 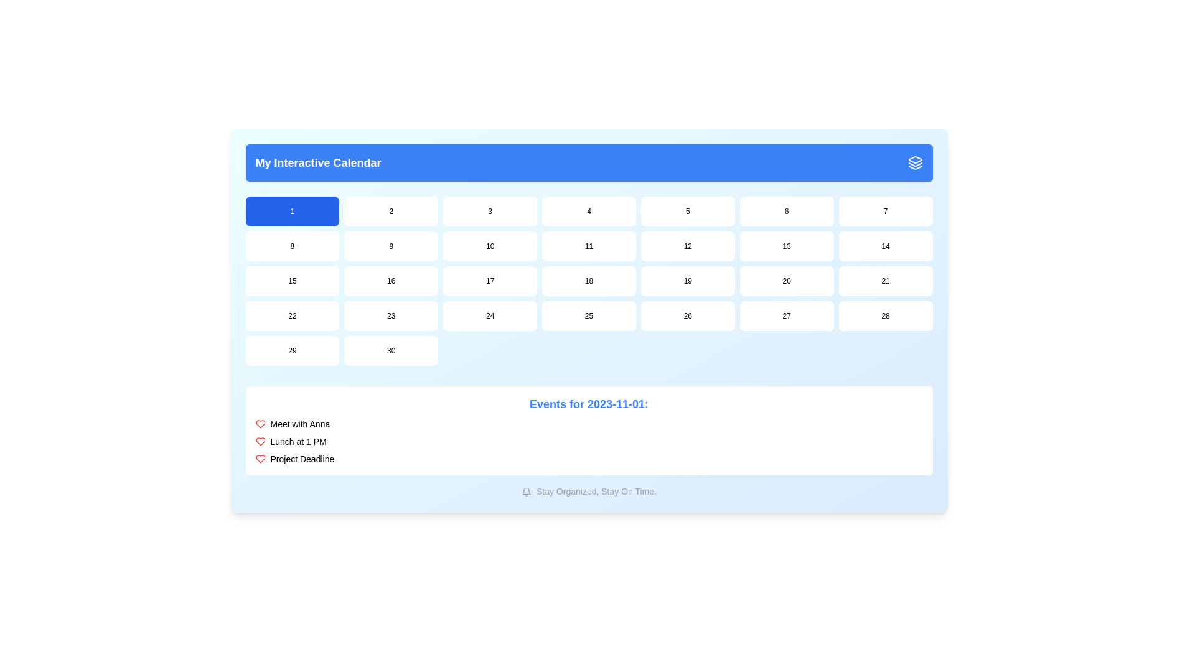 I want to click on the small rectangular button with the number '30' that is located in the bottom-right corner of a 7x5 grid within a calendar interface, so click(x=390, y=350).